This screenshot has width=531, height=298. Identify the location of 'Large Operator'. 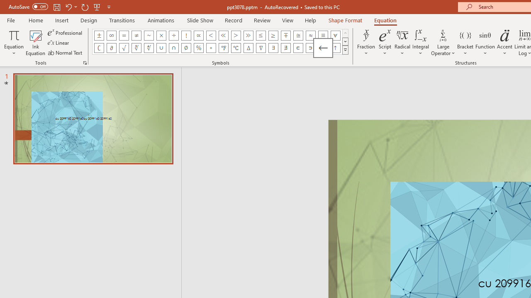
(443, 43).